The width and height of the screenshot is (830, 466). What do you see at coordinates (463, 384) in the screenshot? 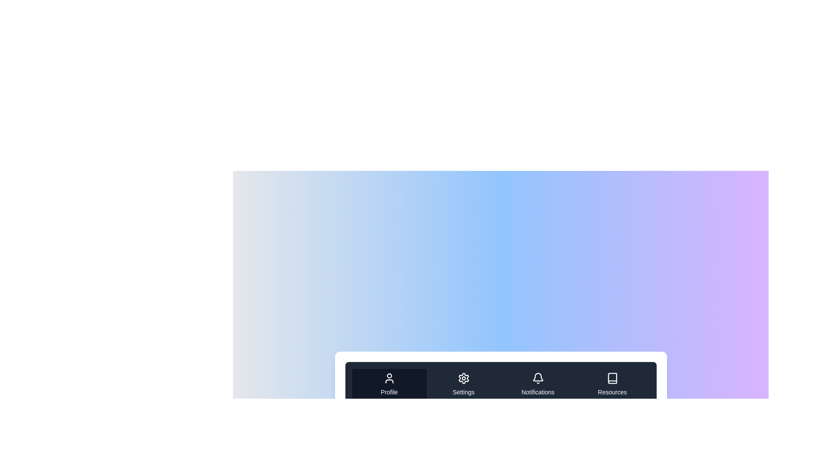
I see `the tab labeled Settings to navigate to its content` at bounding box center [463, 384].